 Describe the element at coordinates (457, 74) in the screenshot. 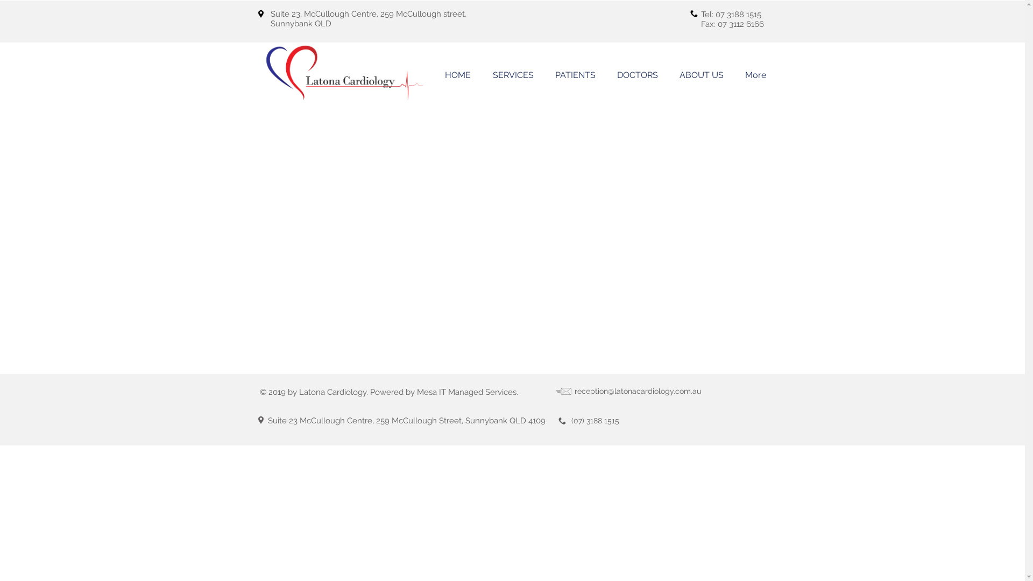

I see `'HOME'` at that location.